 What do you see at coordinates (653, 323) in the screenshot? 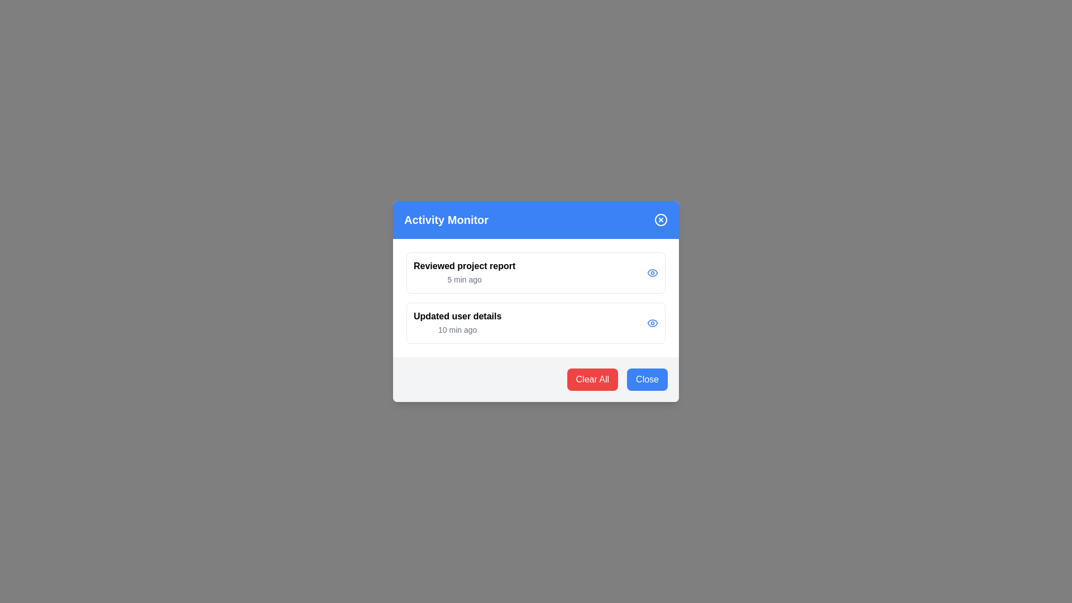
I see `the eye icon for the activity item Updated user details` at bounding box center [653, 323].